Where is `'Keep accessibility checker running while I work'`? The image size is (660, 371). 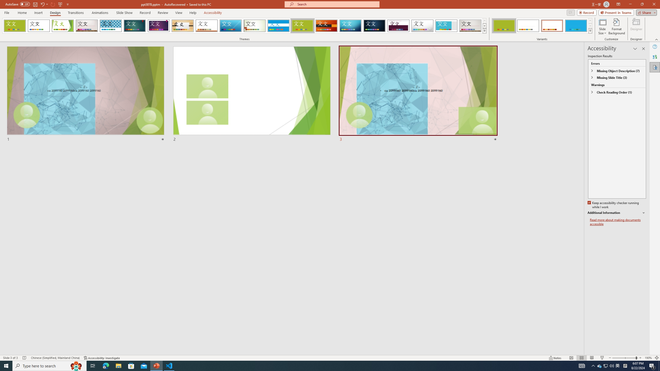
'Keep accessibility checker running while I work' is located at coordinates (614, 205).